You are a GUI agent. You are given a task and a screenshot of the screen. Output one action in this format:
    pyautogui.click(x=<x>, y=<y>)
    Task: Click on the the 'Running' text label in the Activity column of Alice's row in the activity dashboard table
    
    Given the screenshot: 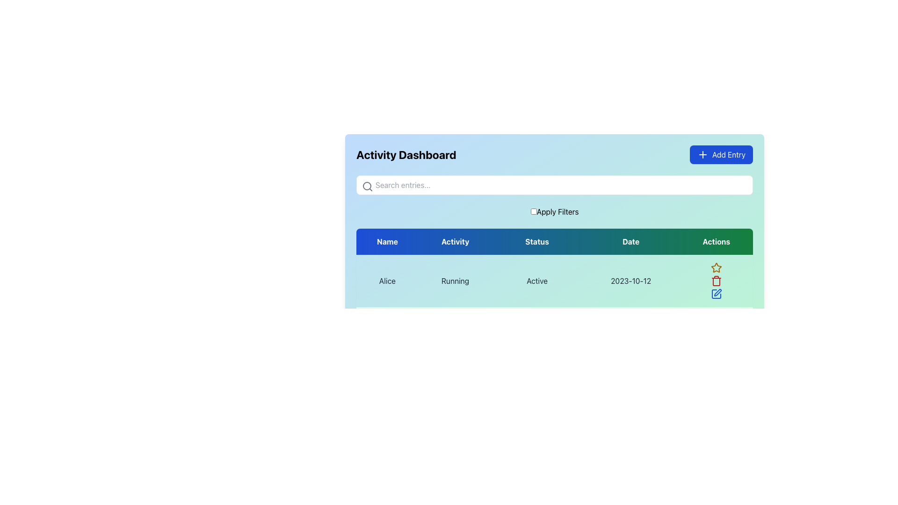 What is the action you would take?
    pyautogui.click(x=455, y=281)
    